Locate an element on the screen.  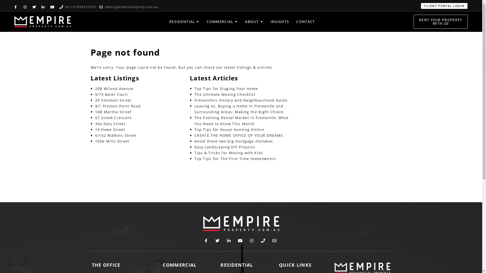
'Top Tips for Staging Your Home' is located at coordinates (226, 88).